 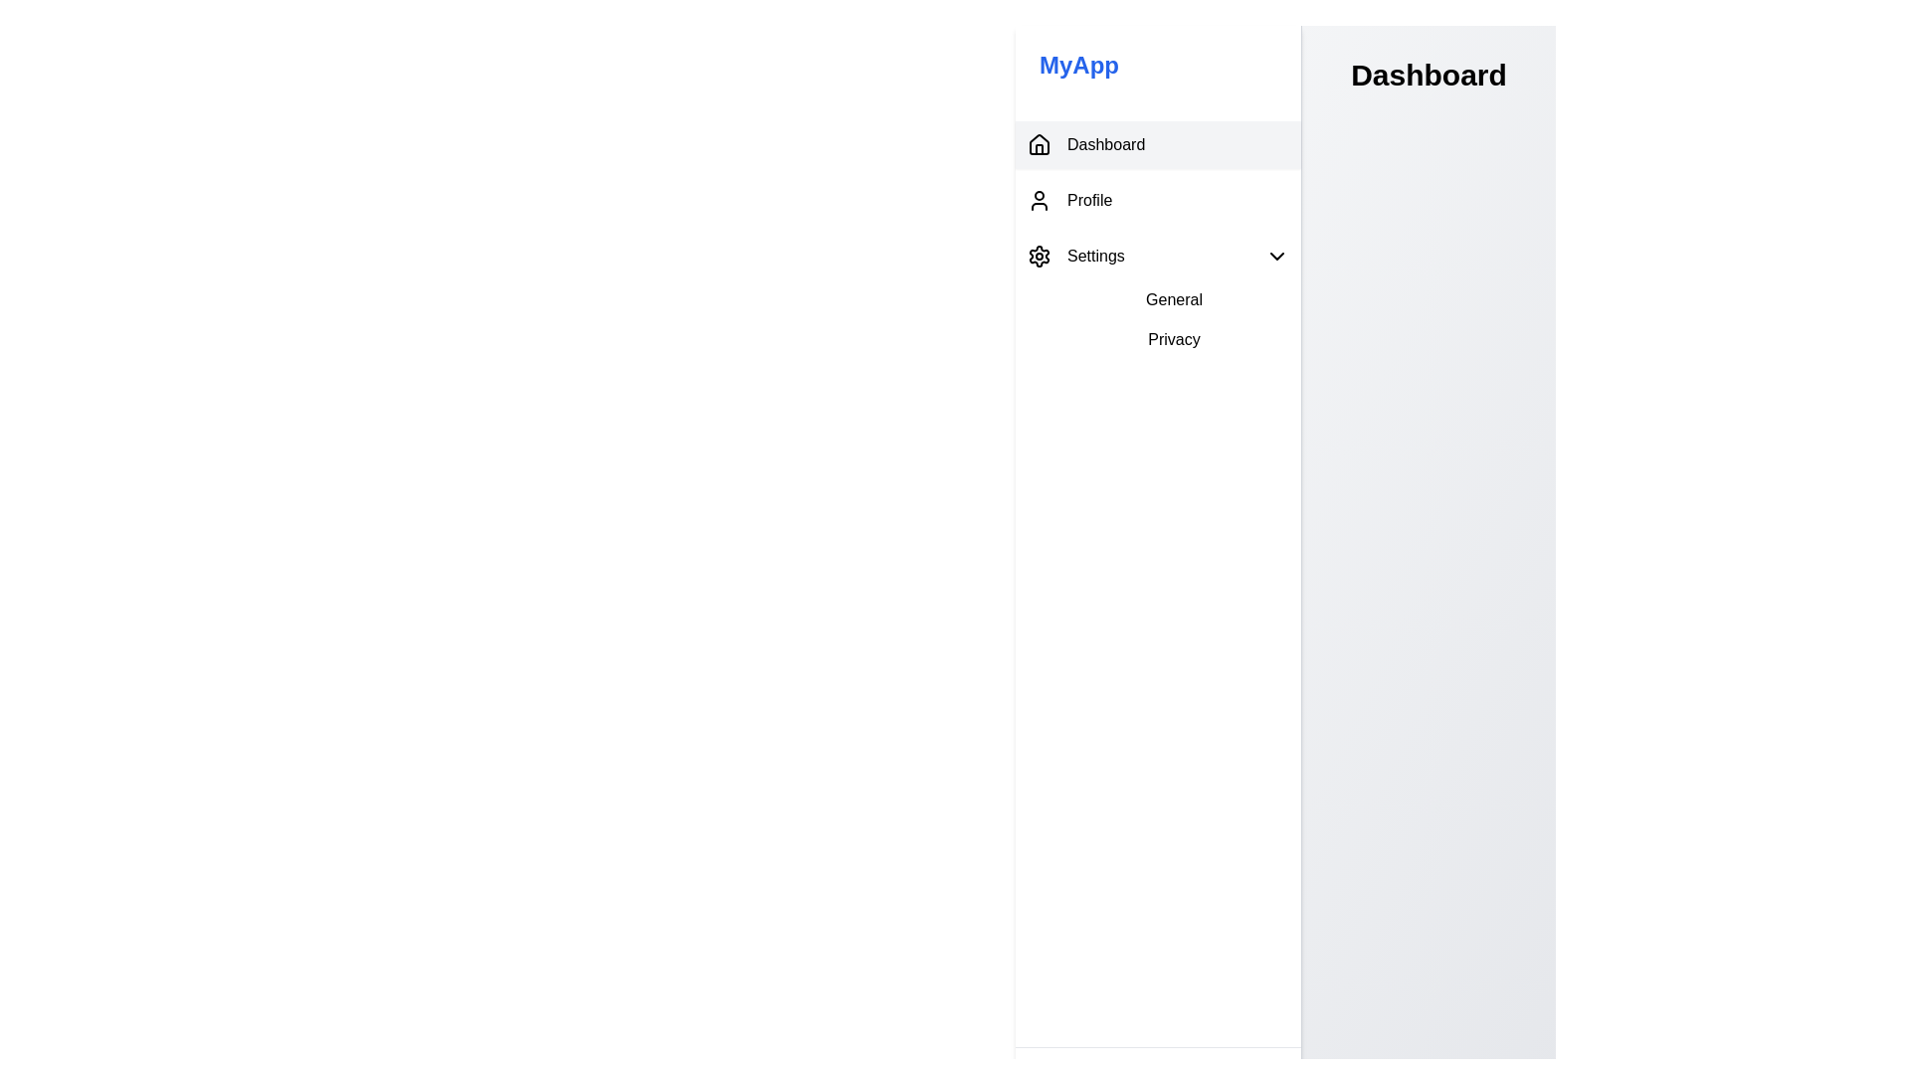 What do you see at coordinates (1077, 64) in the screenshot?
I see `the 'MyApp' text label element, which is a blue, bold, large font label prominently displaying the application's branding at the top-left corner of the interface` at bounding box center [1077, 64].